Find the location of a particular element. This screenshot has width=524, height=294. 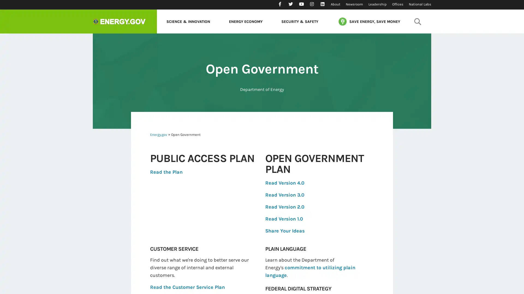

submit is located at coordinates (417, 21).